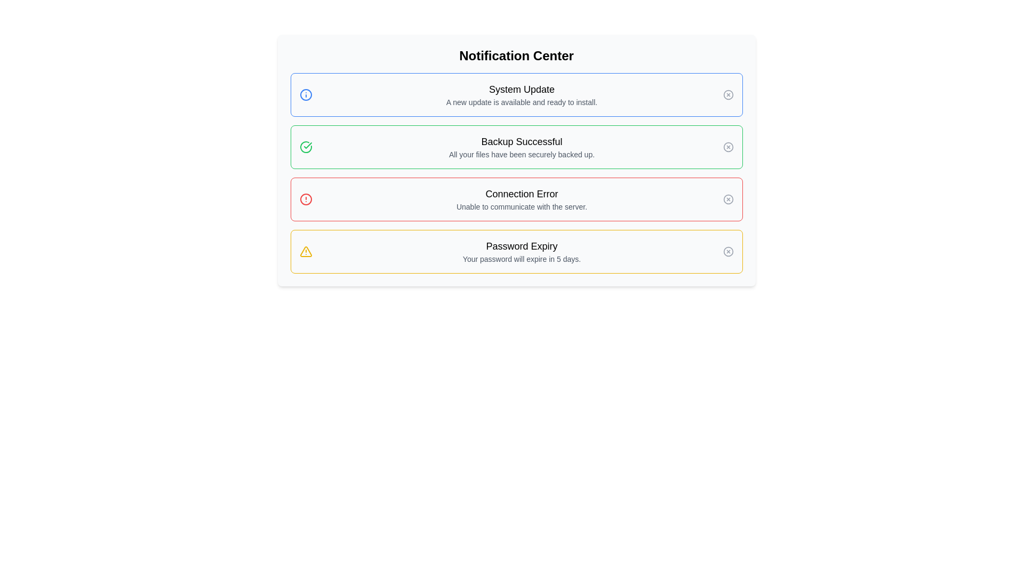 The height and width of the screenshot is (576, 1024). What do you see at coordinates (522, 102) in the screenshot?
I see `explanatory text located beneath the 'System Update' title within the notification card in the notification center interface` at bounding box center [522, 102].